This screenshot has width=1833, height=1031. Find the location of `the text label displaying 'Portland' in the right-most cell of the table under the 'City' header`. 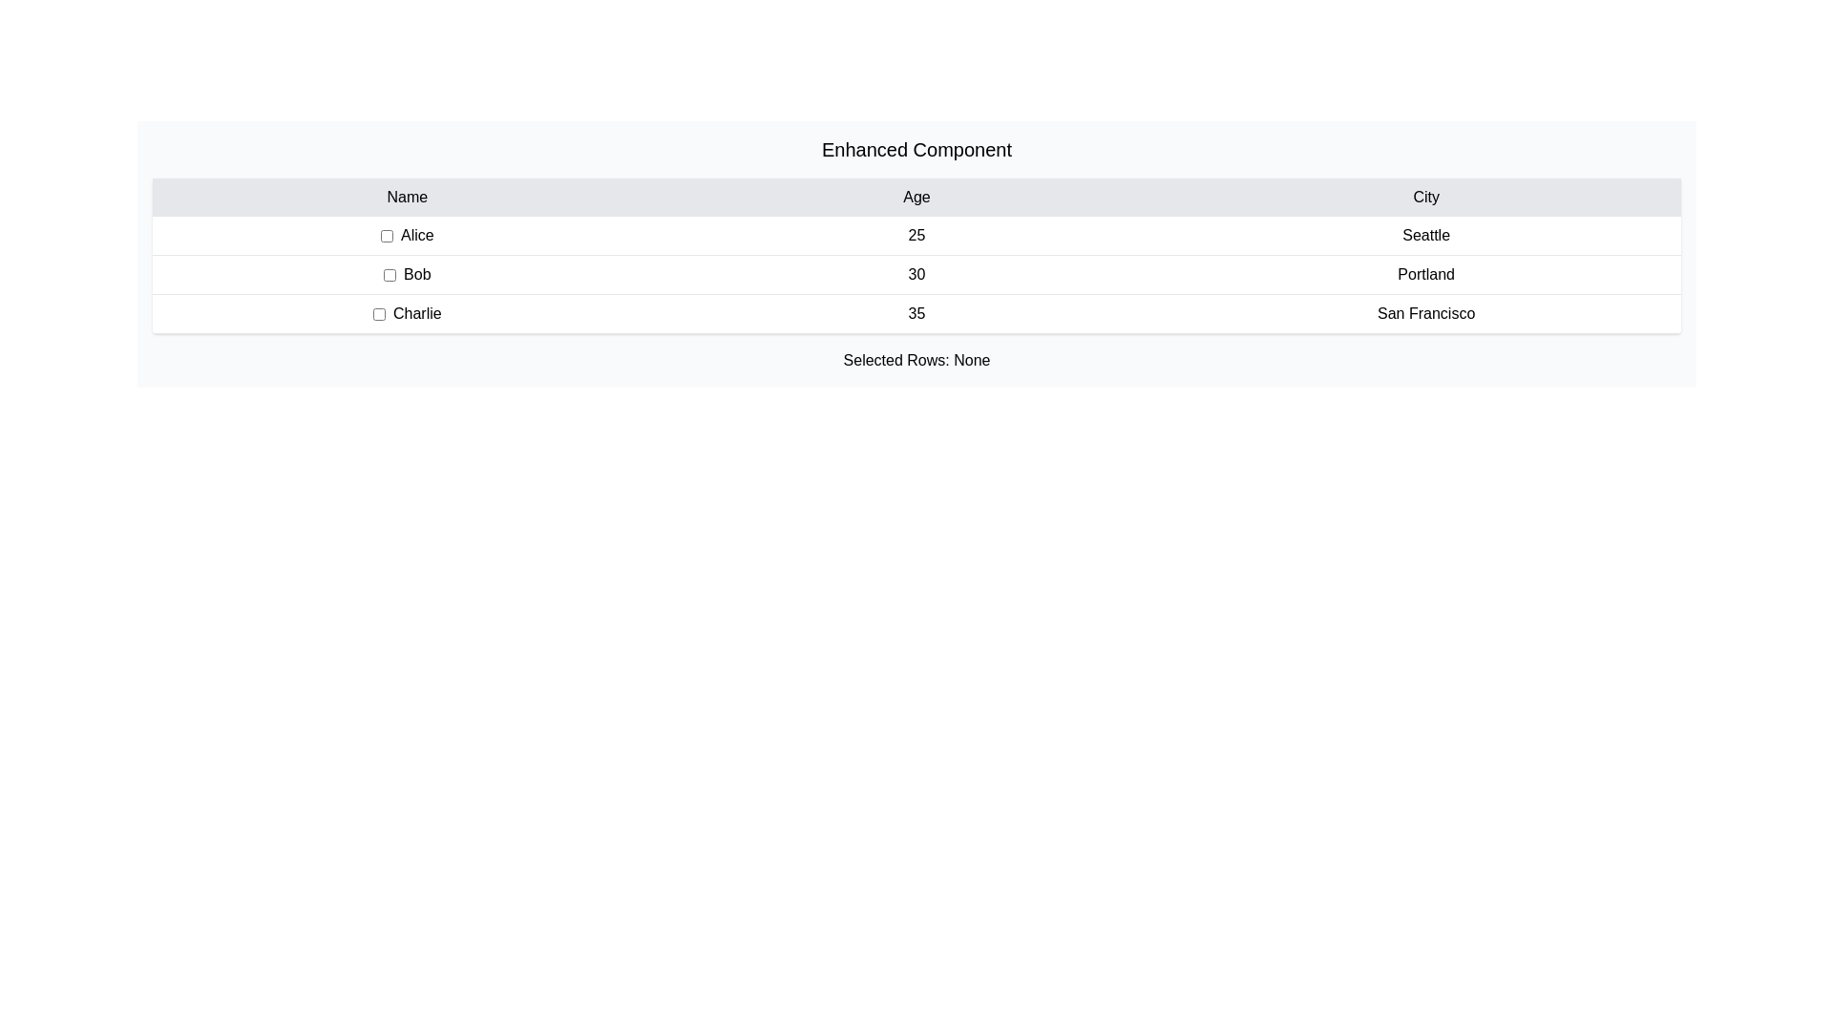

the text label displaying 'Portland' in the right-most cell of the table under the 'City' header is located at coordinates (1426, 275).